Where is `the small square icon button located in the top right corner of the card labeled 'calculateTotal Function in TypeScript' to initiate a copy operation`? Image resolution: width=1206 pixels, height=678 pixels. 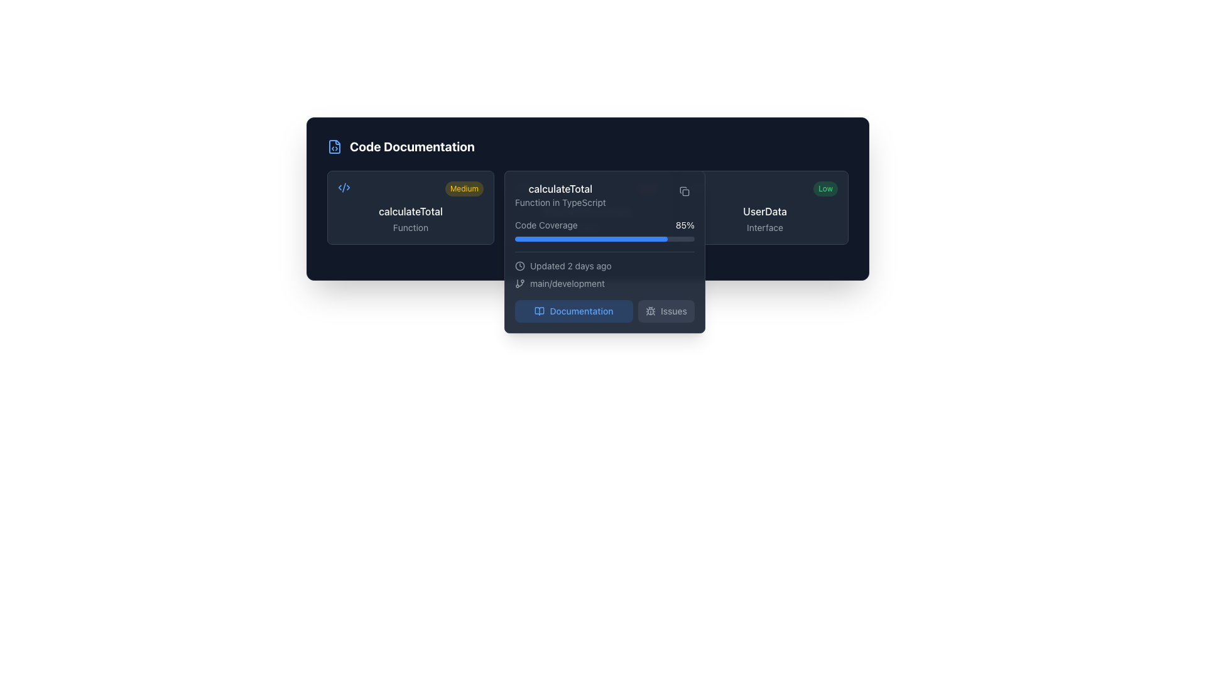
the small square icon button located in the top right corner of the card labeled 'calculateTotal Function in TypeScript' to initiate a copy operation is located at coordinates (683, 191).